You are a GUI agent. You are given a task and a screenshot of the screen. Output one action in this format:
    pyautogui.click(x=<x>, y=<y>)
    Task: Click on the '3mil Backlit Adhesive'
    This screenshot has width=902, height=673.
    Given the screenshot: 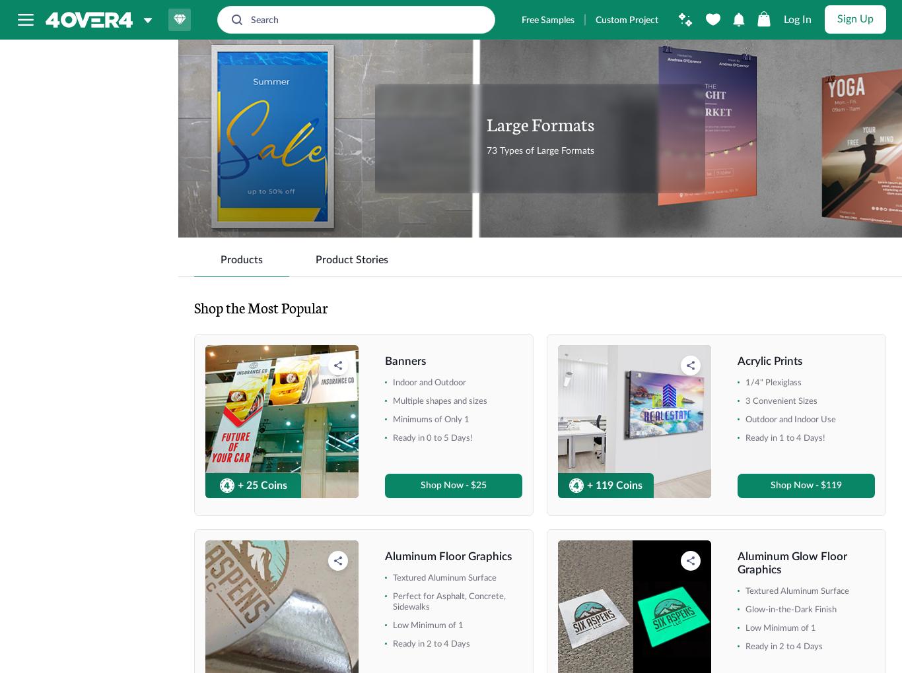 What is the action you would take?
    pyautogui.click(x=683, y=389)
    